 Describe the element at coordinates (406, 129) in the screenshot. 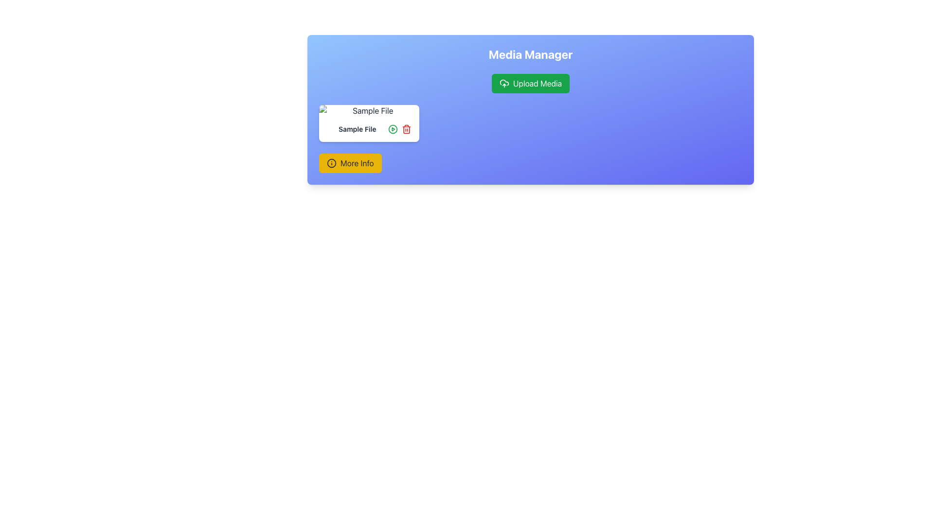

I see `the delete action button icon located at the bottom left quadrant of the interface to observe the scaling effect` at that location.